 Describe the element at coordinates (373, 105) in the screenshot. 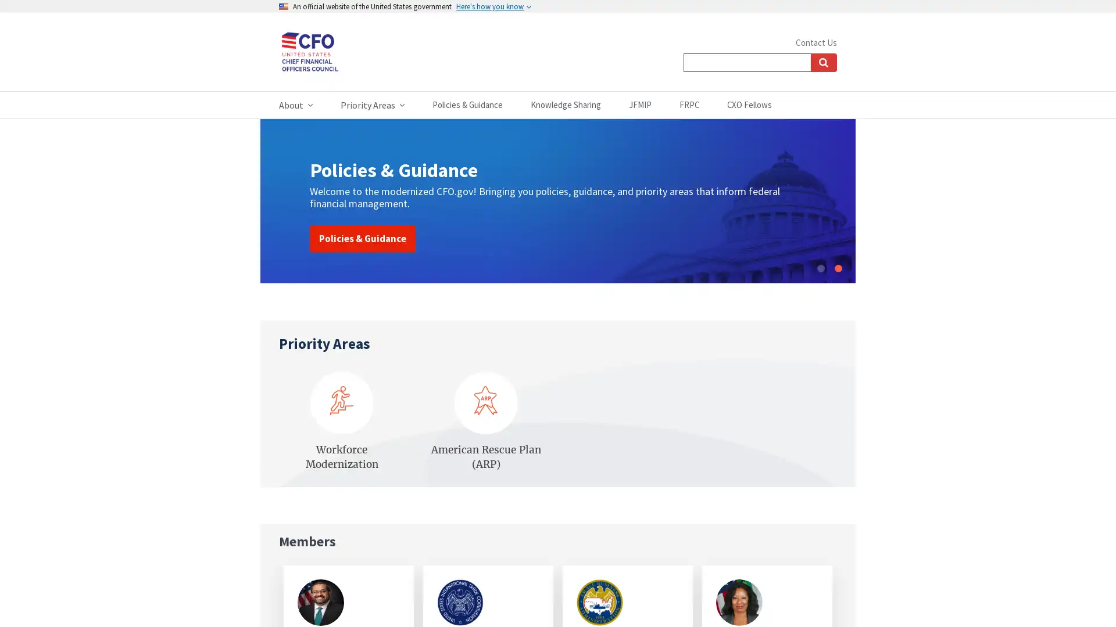

I see `Priority Areas` at that location.